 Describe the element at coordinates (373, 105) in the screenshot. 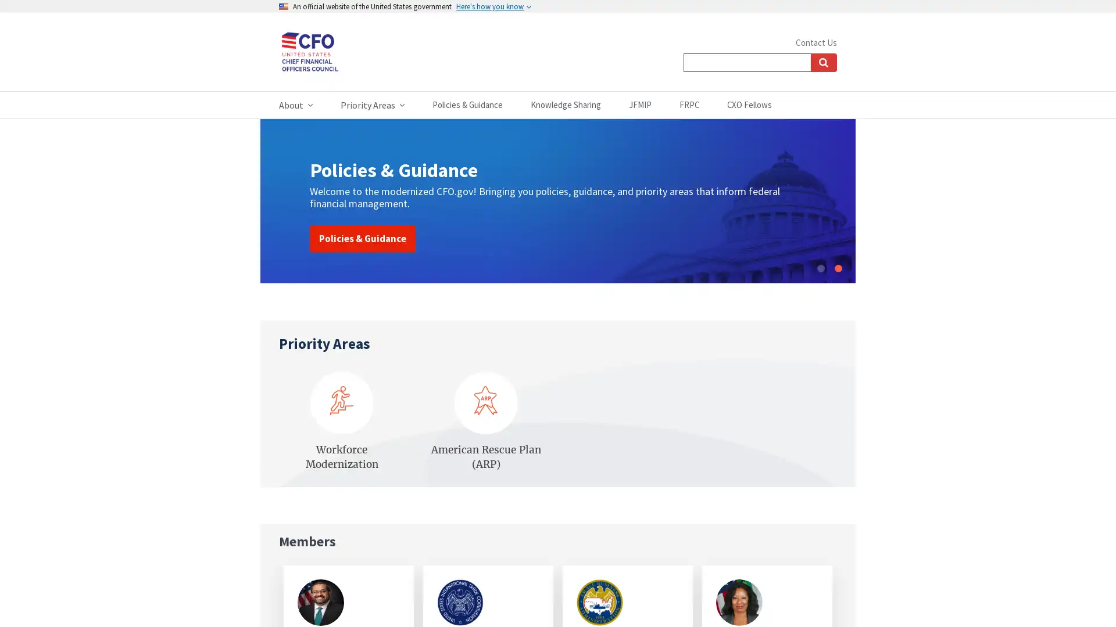

I see `Priority Areas` at that location.